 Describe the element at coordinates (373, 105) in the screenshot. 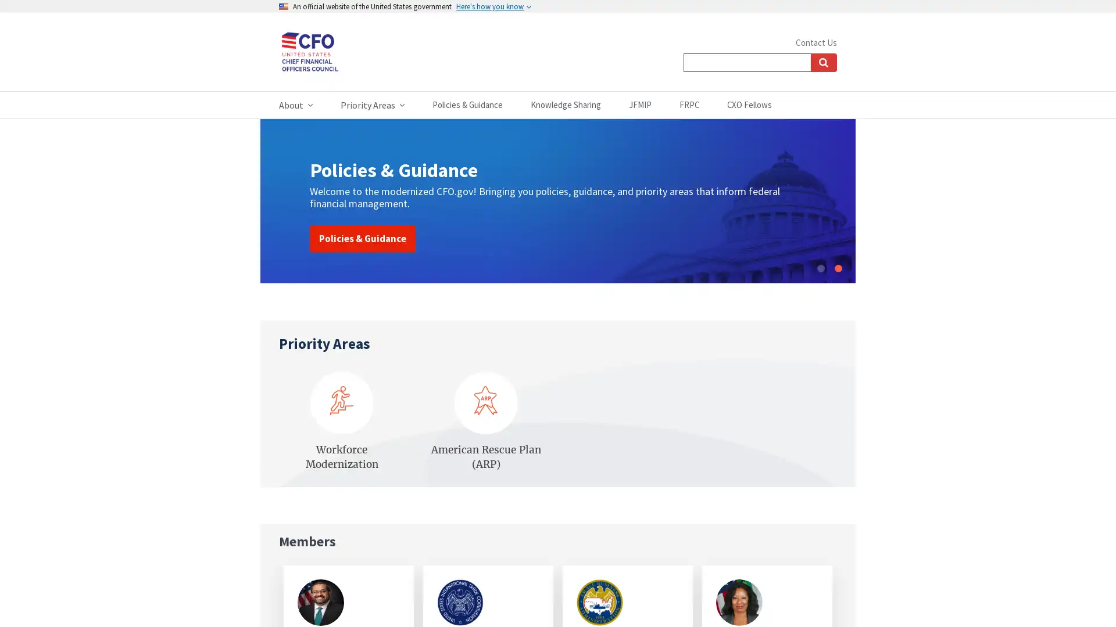

I see `Priority Areas` at that location.